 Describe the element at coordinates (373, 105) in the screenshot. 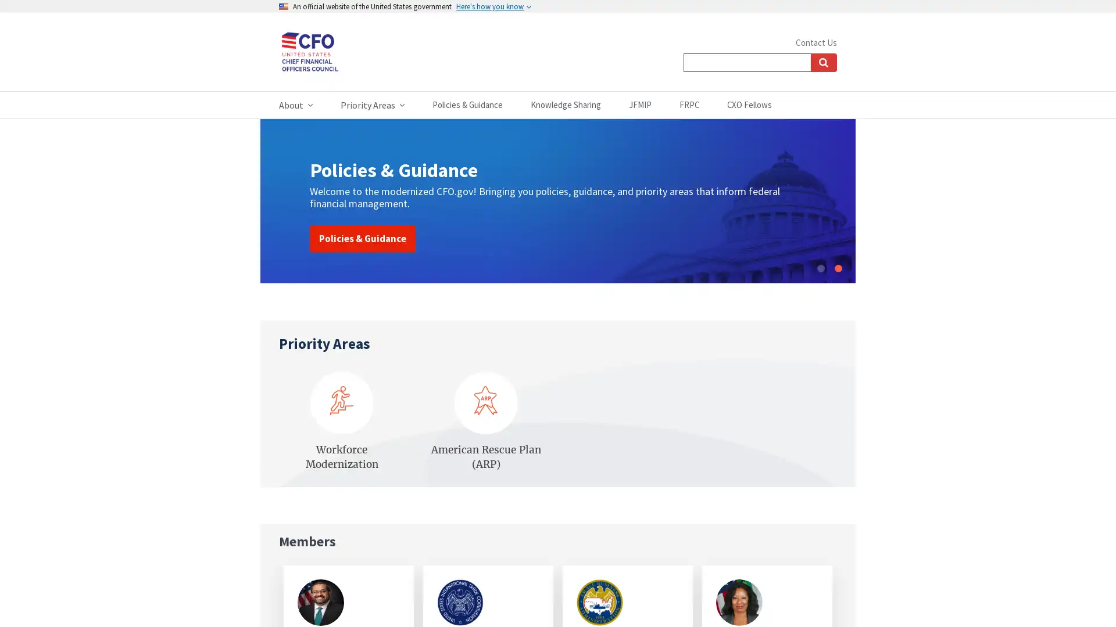

I see `Priority Areas` at that location.